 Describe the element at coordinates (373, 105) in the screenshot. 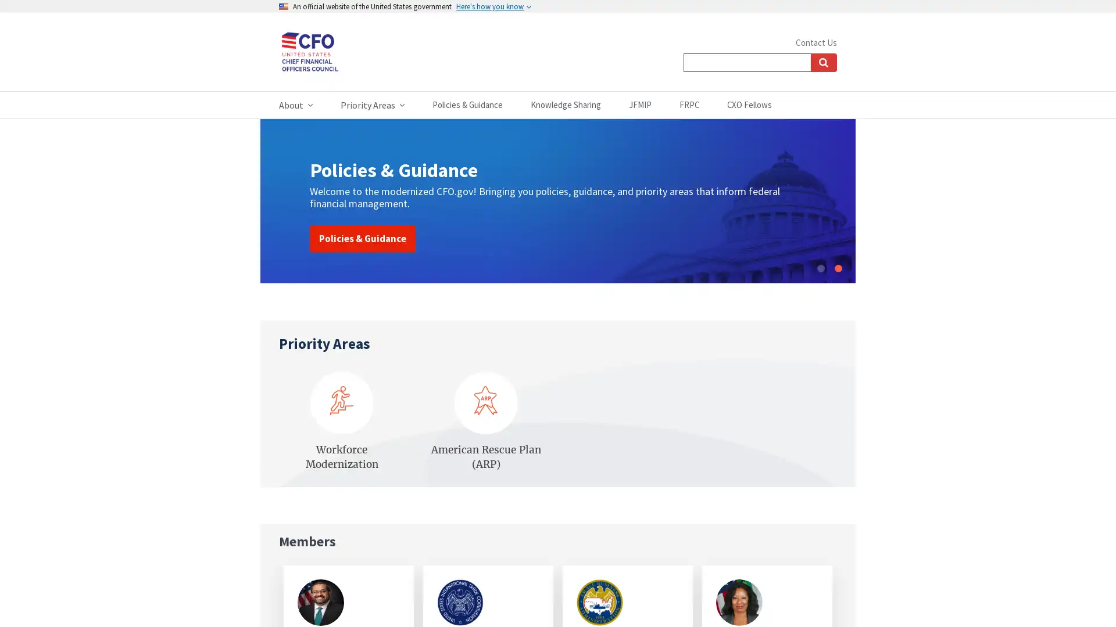

I see `Priority Areas` at that location.